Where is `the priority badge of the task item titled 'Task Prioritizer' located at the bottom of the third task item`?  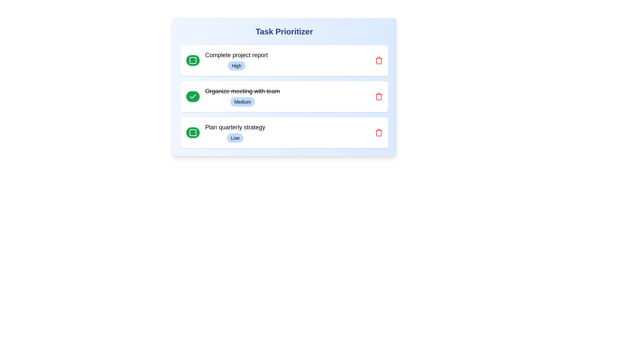
the priority badge of the task item titled 'Task Prioritizer' located at the bottom of the third task item is located at coordinates (225, 133).